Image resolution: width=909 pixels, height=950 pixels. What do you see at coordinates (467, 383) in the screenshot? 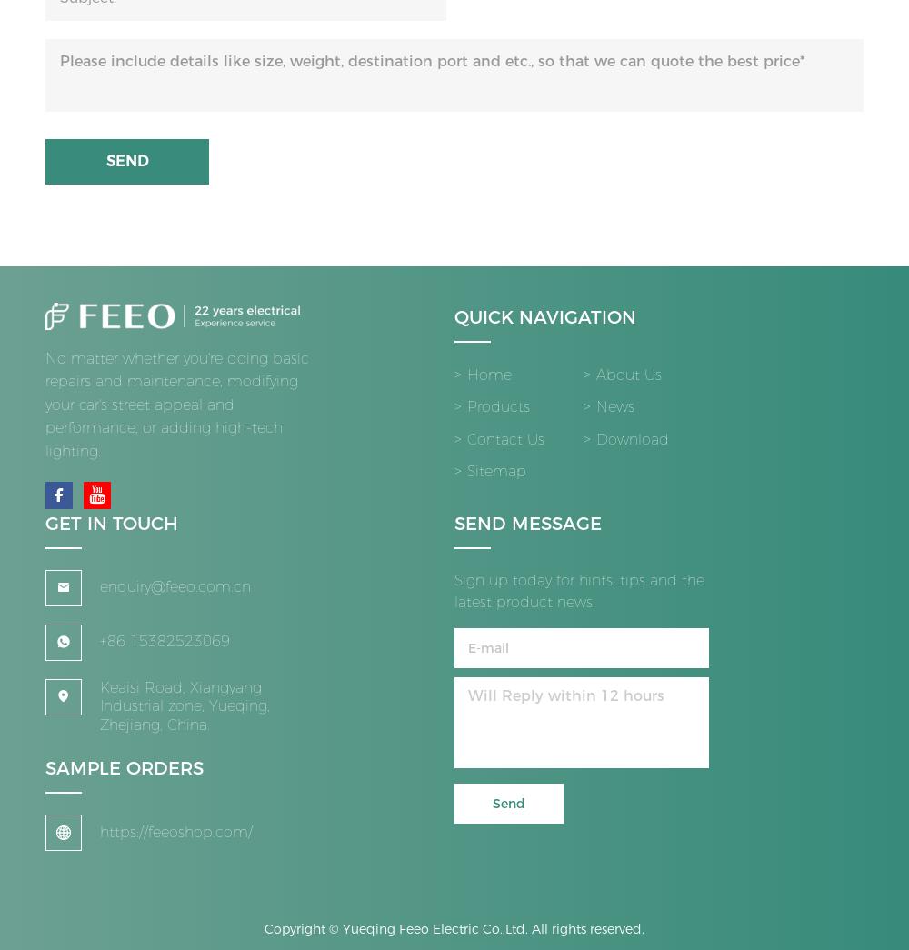
I see `'Home'` at bounding box center [467, 383].